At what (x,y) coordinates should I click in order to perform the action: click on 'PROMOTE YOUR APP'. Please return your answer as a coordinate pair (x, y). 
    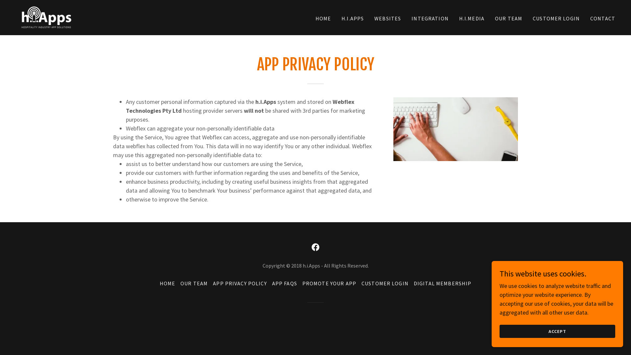
    Looking at the image, I should click on (299, 283).